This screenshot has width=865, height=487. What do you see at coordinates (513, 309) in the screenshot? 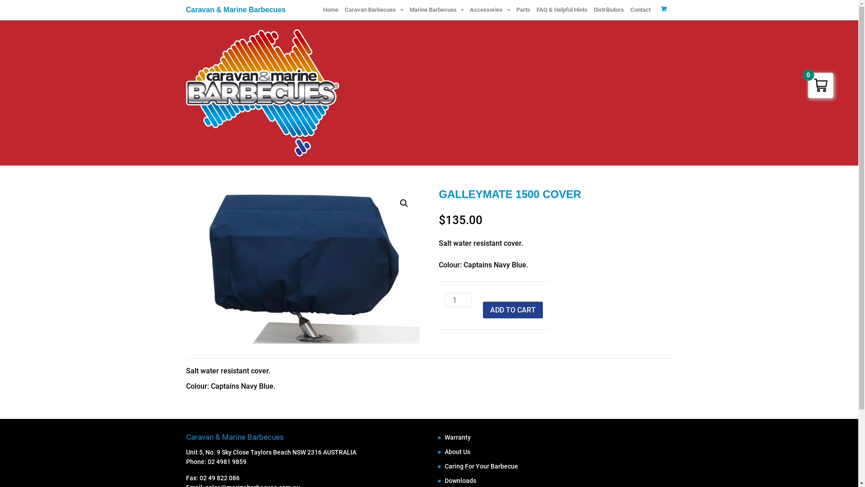
I see `'ADD TO CART'` at bounding box center [513, 309].